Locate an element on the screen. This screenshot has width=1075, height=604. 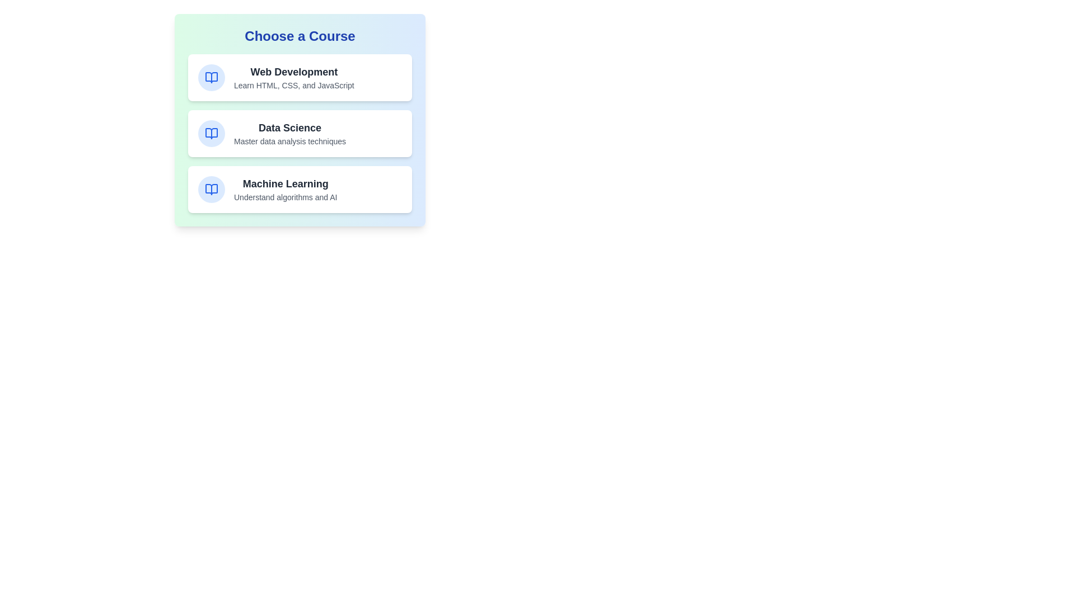
the icon representing the theme of the card labeled 'Machine Learning - Understand algorithms and AI', located at the top-left corner of the card, which is the leftmost component in a vertical stack of three cards is located at coordinates (212, 189).